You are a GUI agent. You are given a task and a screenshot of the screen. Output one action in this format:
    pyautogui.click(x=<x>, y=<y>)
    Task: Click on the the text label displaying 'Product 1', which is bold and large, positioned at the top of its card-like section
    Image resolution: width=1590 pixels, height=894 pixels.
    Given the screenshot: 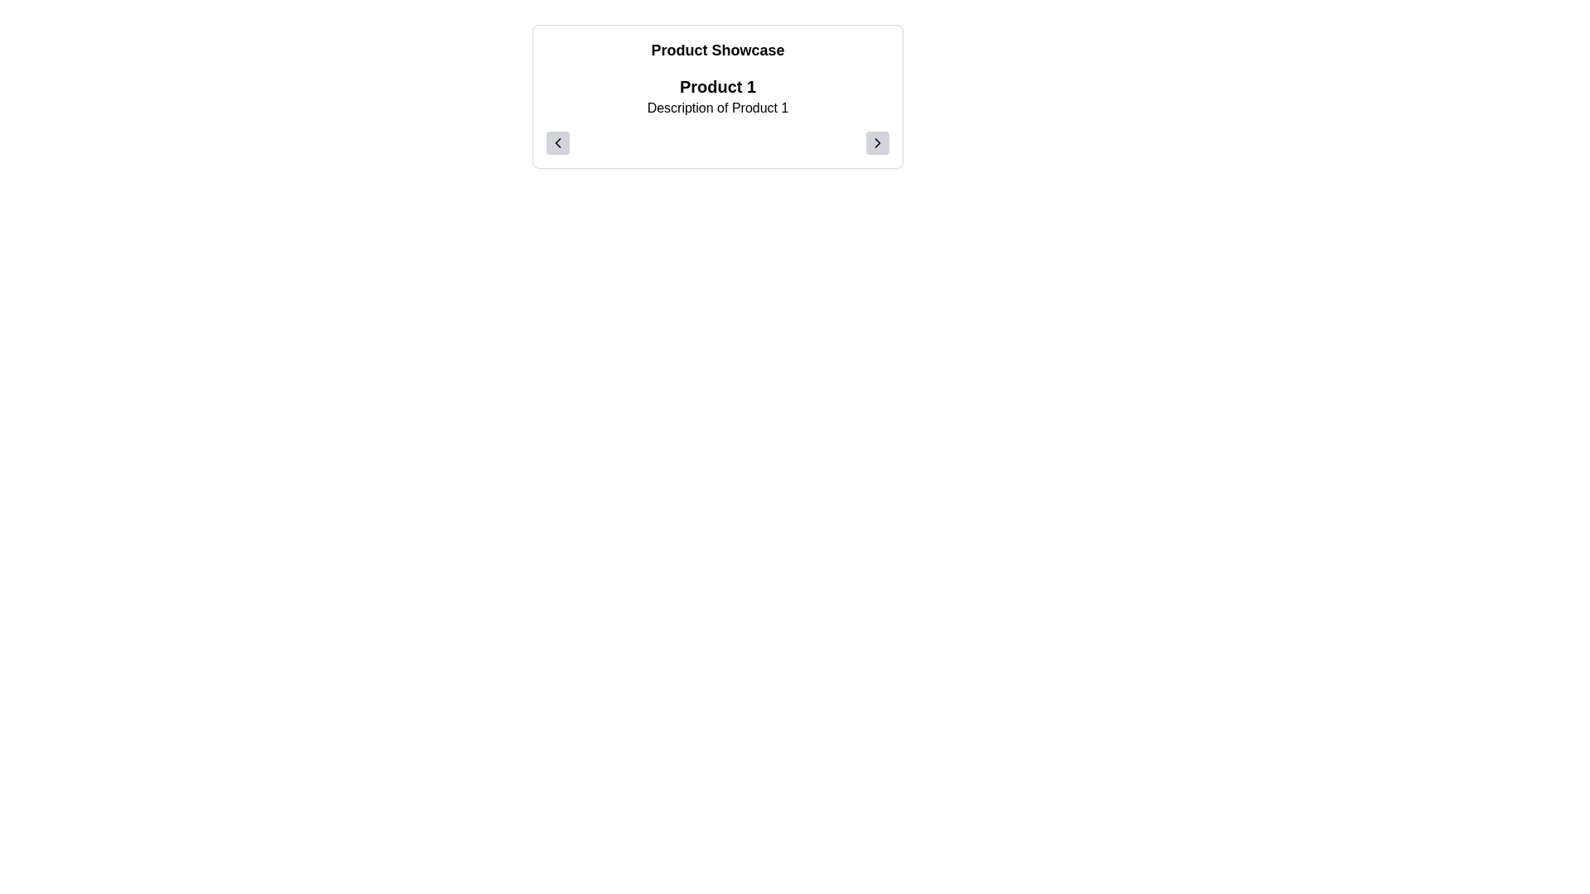 What is the action you would take?
    pyautogui.click(x=718, y=86)
    